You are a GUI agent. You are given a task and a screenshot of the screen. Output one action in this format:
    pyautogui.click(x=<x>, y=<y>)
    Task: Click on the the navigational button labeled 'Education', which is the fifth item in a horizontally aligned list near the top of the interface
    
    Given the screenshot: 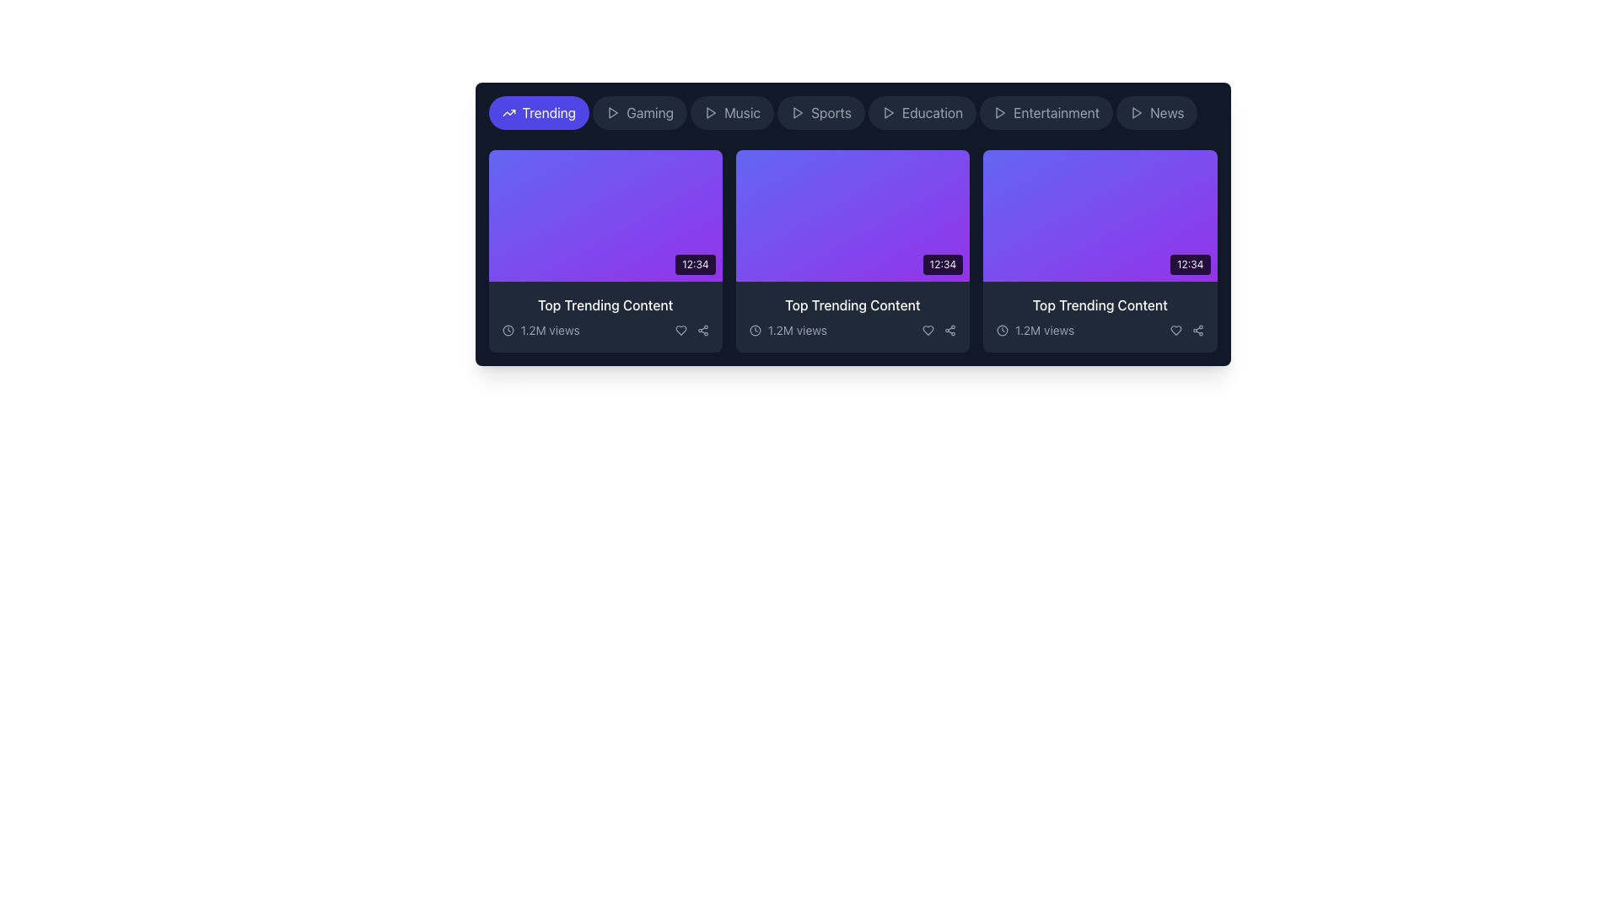 What is the action you would take?
    pyautogui.click(x=922, y=113)
    